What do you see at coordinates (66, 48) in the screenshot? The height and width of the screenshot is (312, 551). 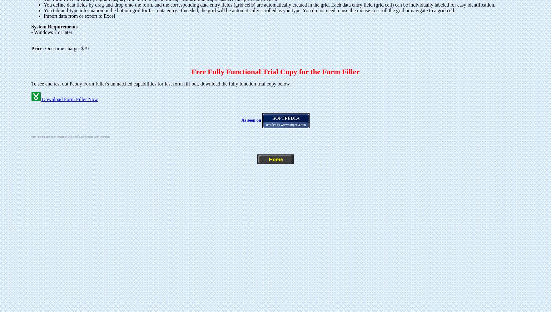 I see `'One-time charge: $79'` at bounding box center [66, 48].